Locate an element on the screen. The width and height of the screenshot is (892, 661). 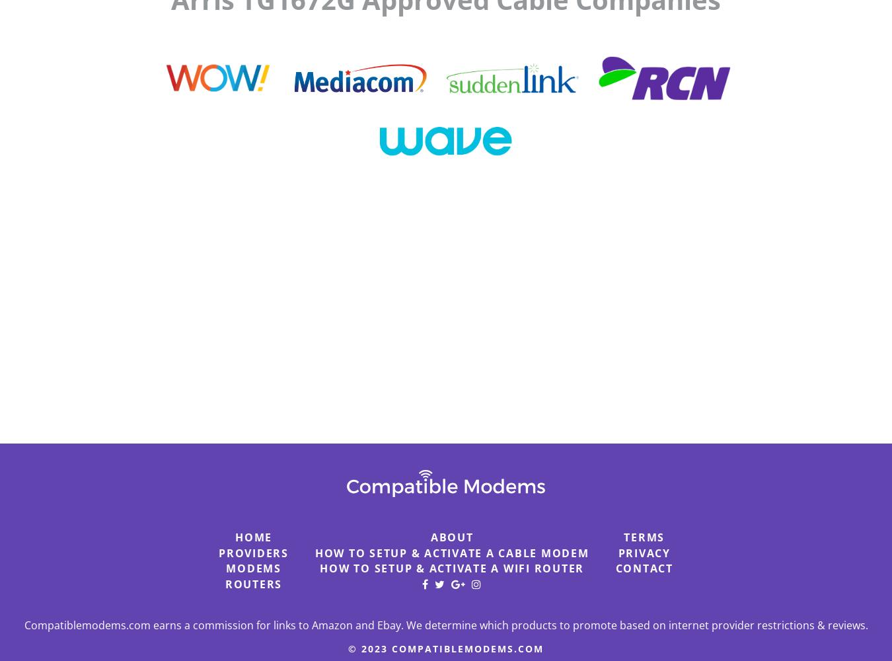
'Privacy' is located at coordinates (643, 552).